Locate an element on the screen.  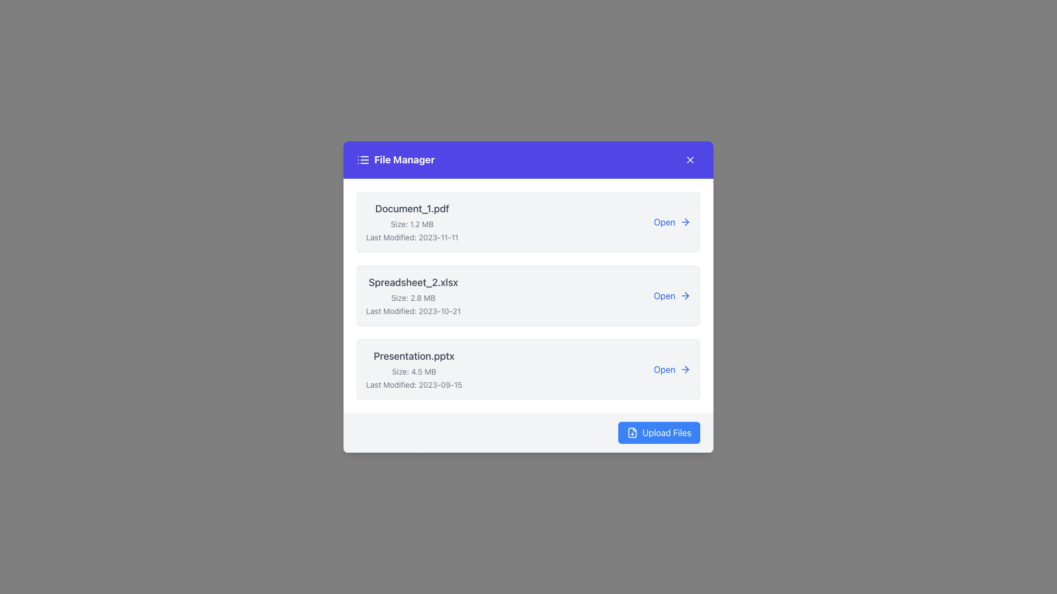
the 'File Manager' text element with a list icon, located in the purple header section of the modal dialog interface is located at coordinates (396, 159).